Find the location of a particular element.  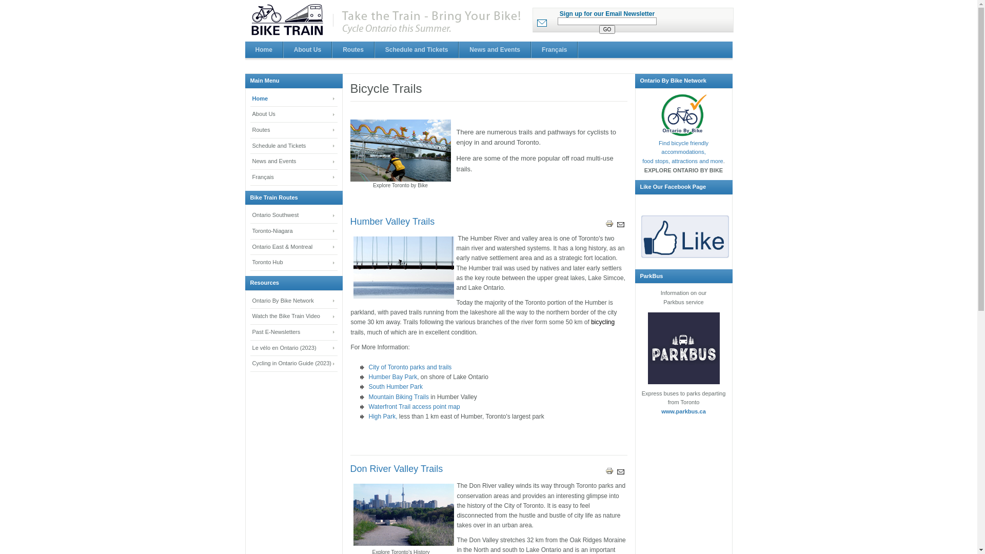

'Ontario Southwest' is located at coordinates (293, 215).